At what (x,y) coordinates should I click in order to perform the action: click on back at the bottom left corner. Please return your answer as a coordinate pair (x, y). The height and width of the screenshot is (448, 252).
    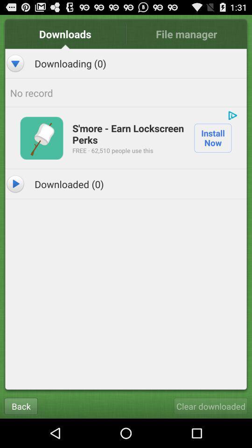
    Looking at the image, I should click on (21, 406).